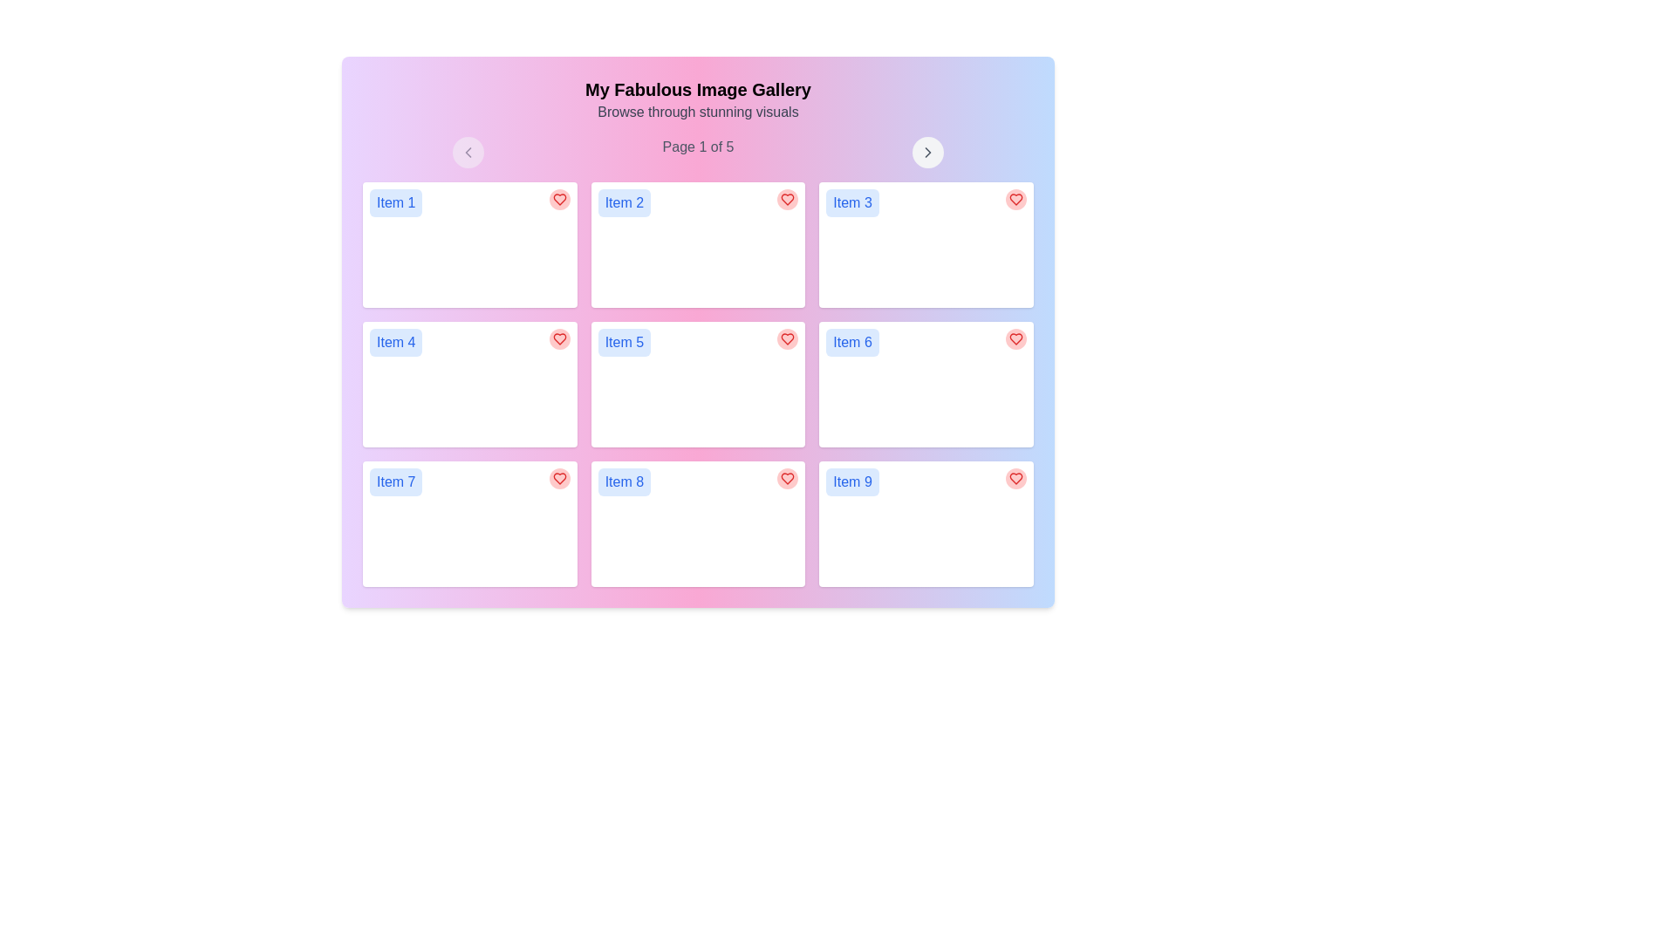 The width and height of the screenshot is (1675, 942). I want to click on the leftward-pointing chevron icon located near the top-center area of the interface, so click(468, 151).